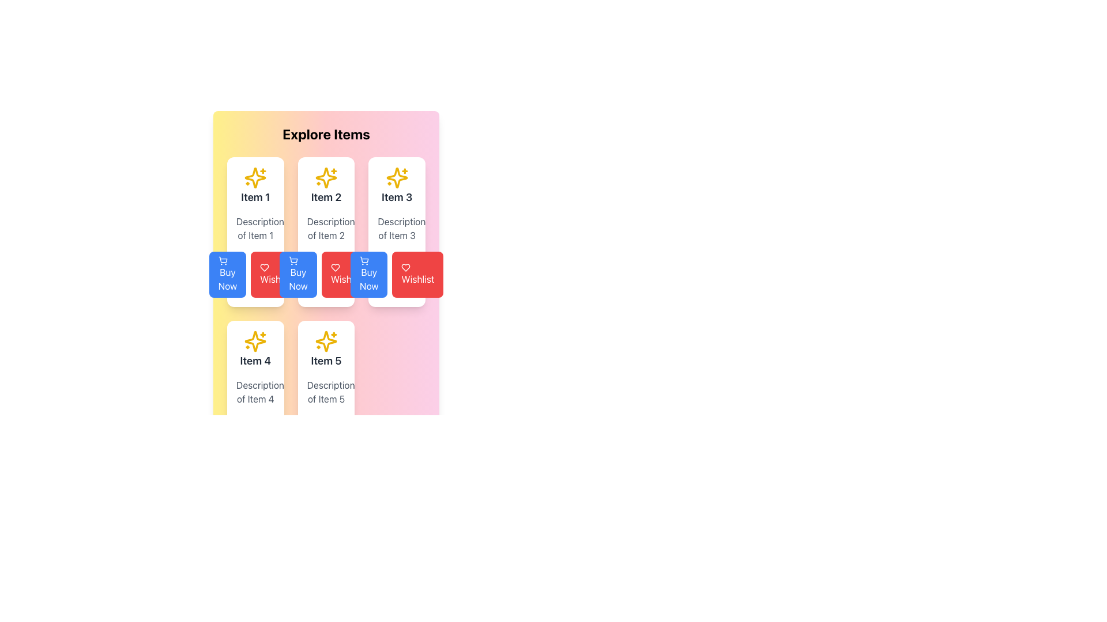  I want to click on the star-shaped golden yellow icon located in the top-left card labeled 'Item 1' in the grid, so click(255, 177).